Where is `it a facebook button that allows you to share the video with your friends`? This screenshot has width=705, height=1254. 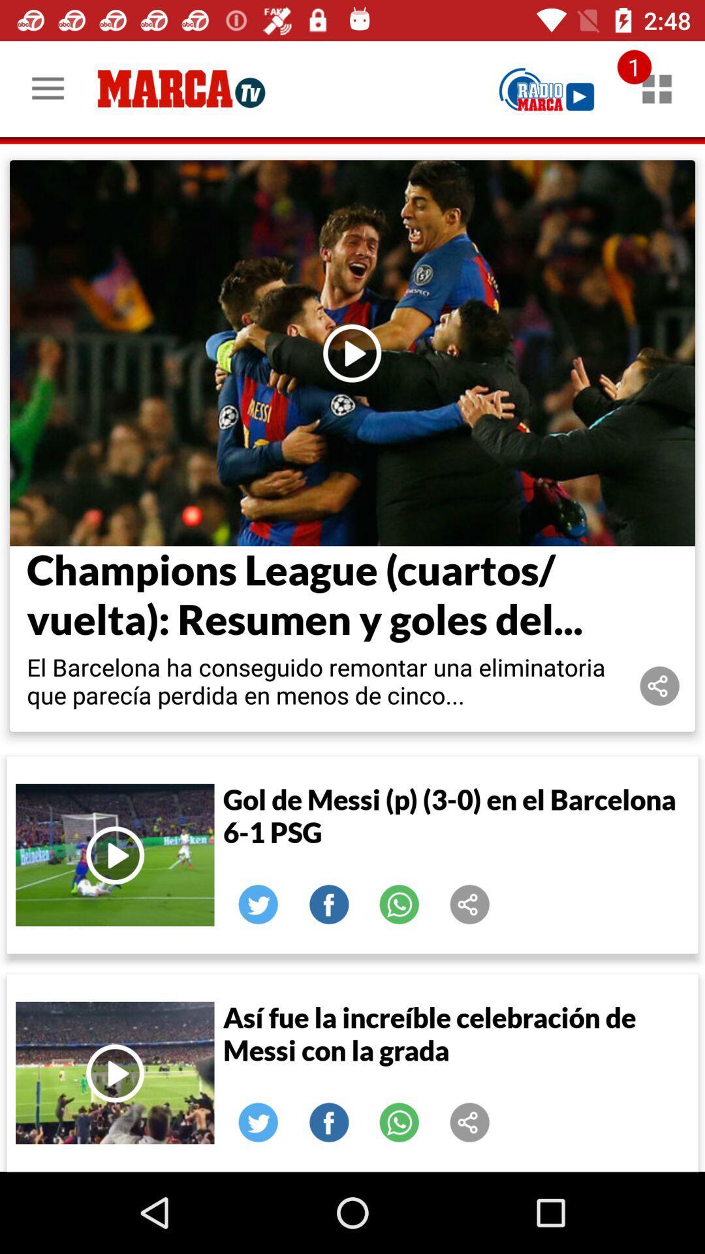 it a facebook button that allows you to share the video with your friends is located at coordinates (328, 904).